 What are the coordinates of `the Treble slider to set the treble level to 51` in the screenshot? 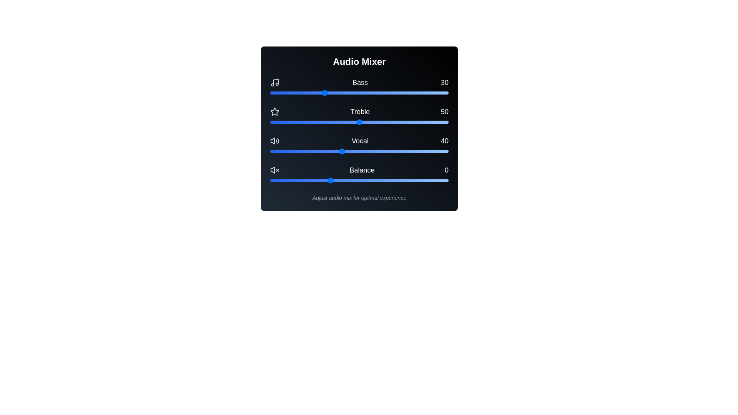 It's located at (361, 121).